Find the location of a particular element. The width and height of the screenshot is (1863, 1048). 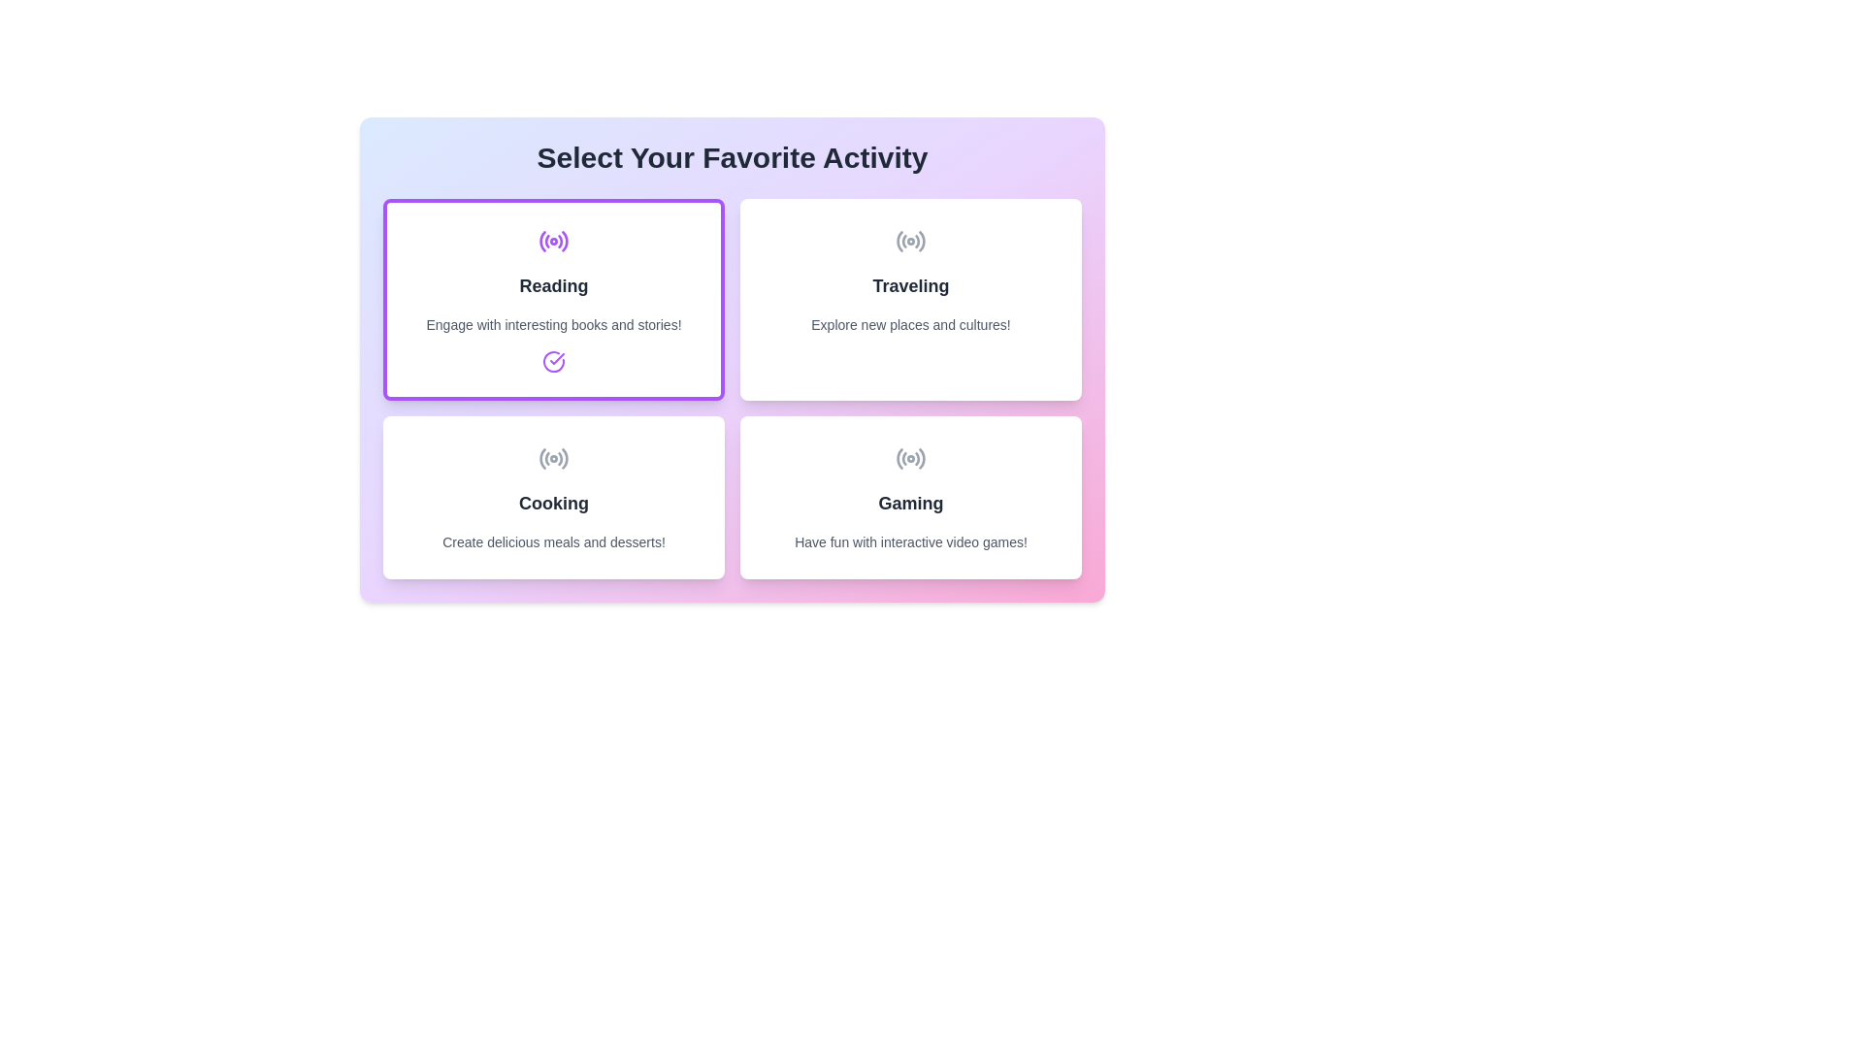

text label at the bottom-right corner of the fourth activity card in the grid, which identifies the 'Gaming' activity is located at coordinates (910, 503).